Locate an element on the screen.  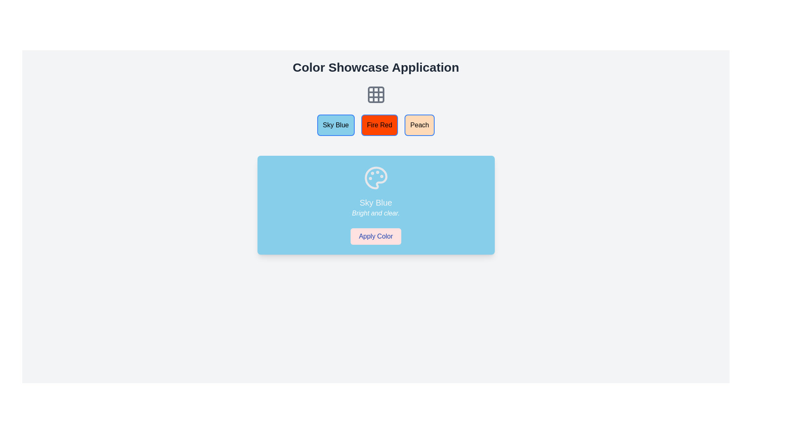
the peach button labeled 'Peach' with a blue border and rounded corners to observe its hover effects is located at coordinates (419, 125).